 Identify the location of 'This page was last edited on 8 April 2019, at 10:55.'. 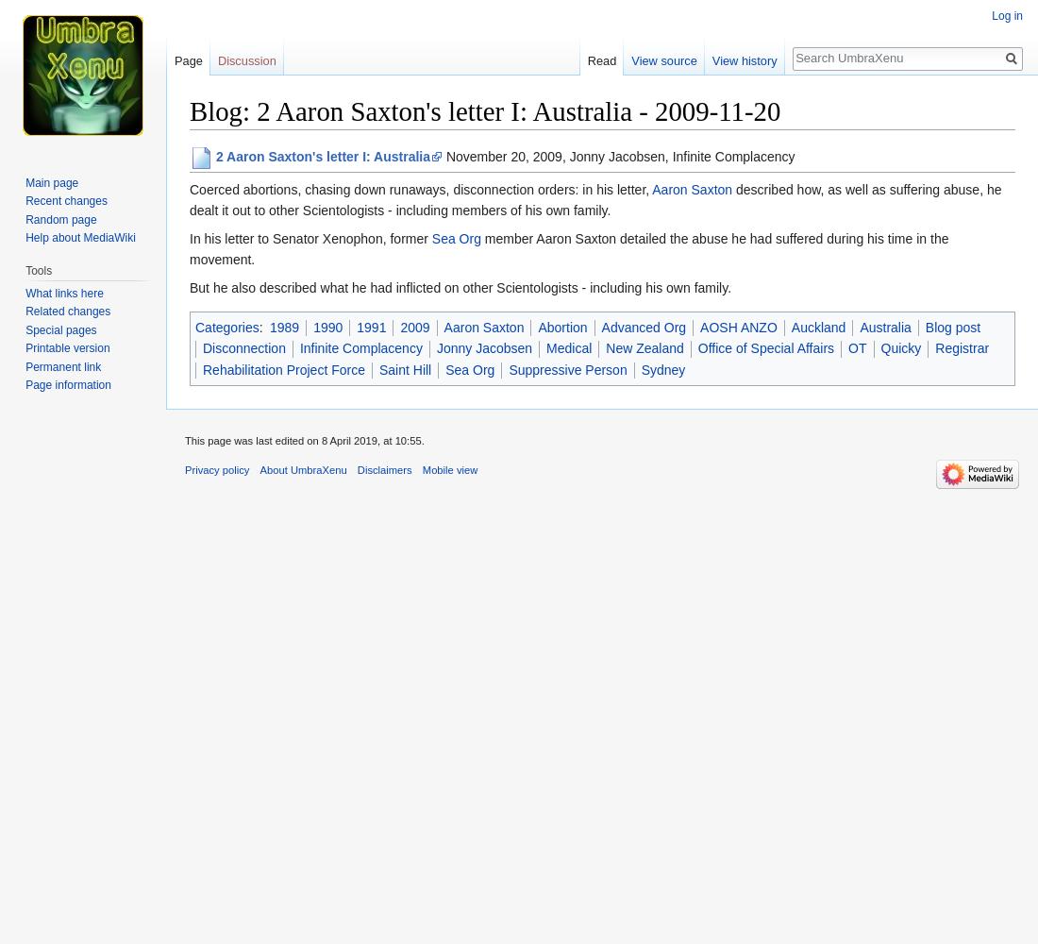
(303, 439).